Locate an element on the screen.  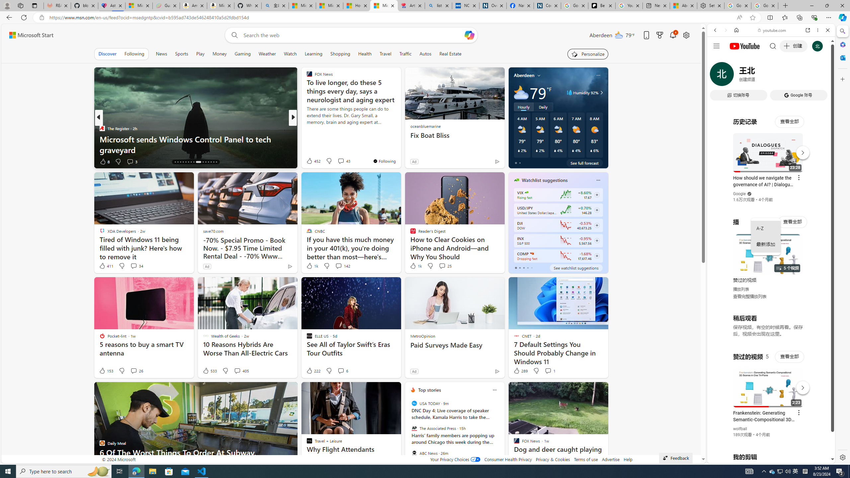
'View comments 142 Comment' is located at coordinates (342, 266).